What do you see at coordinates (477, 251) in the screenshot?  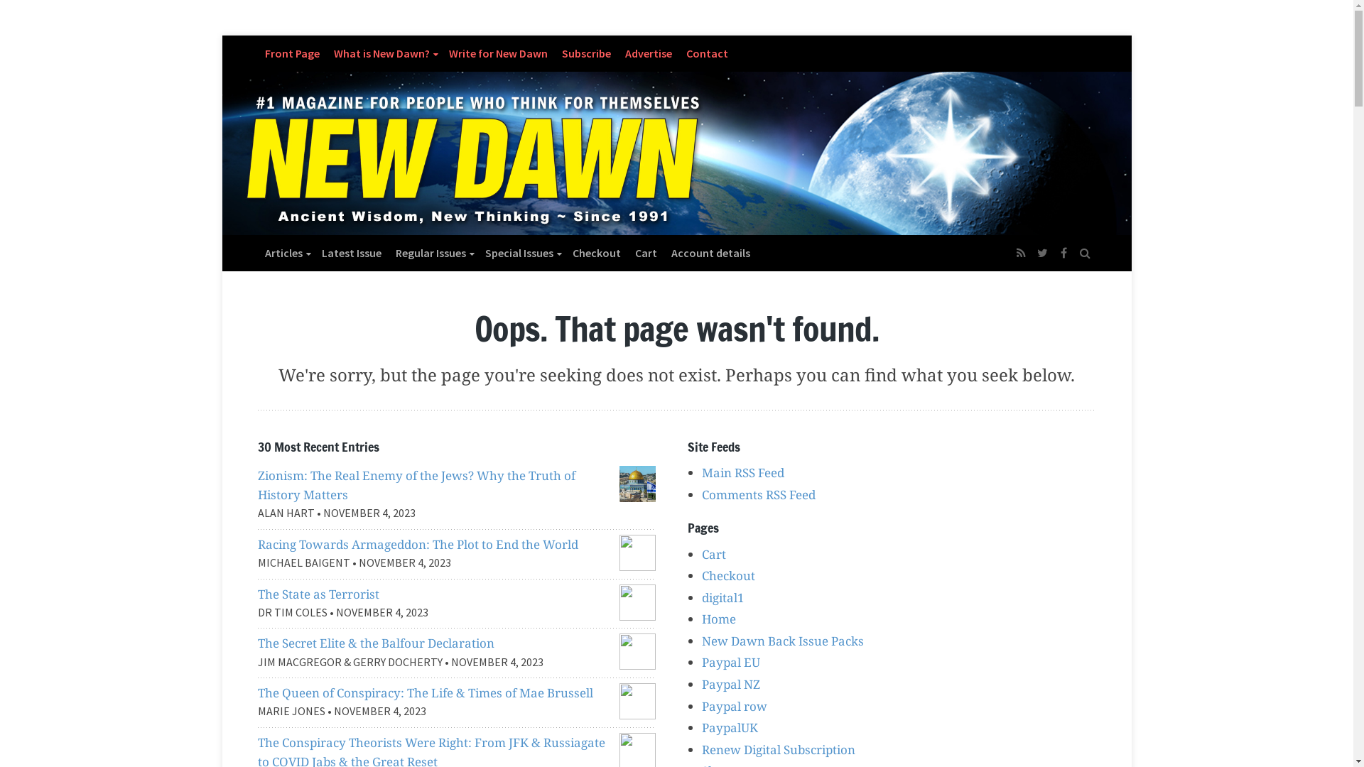 I see `'Special Issues'` at bounding box center [477, 251].